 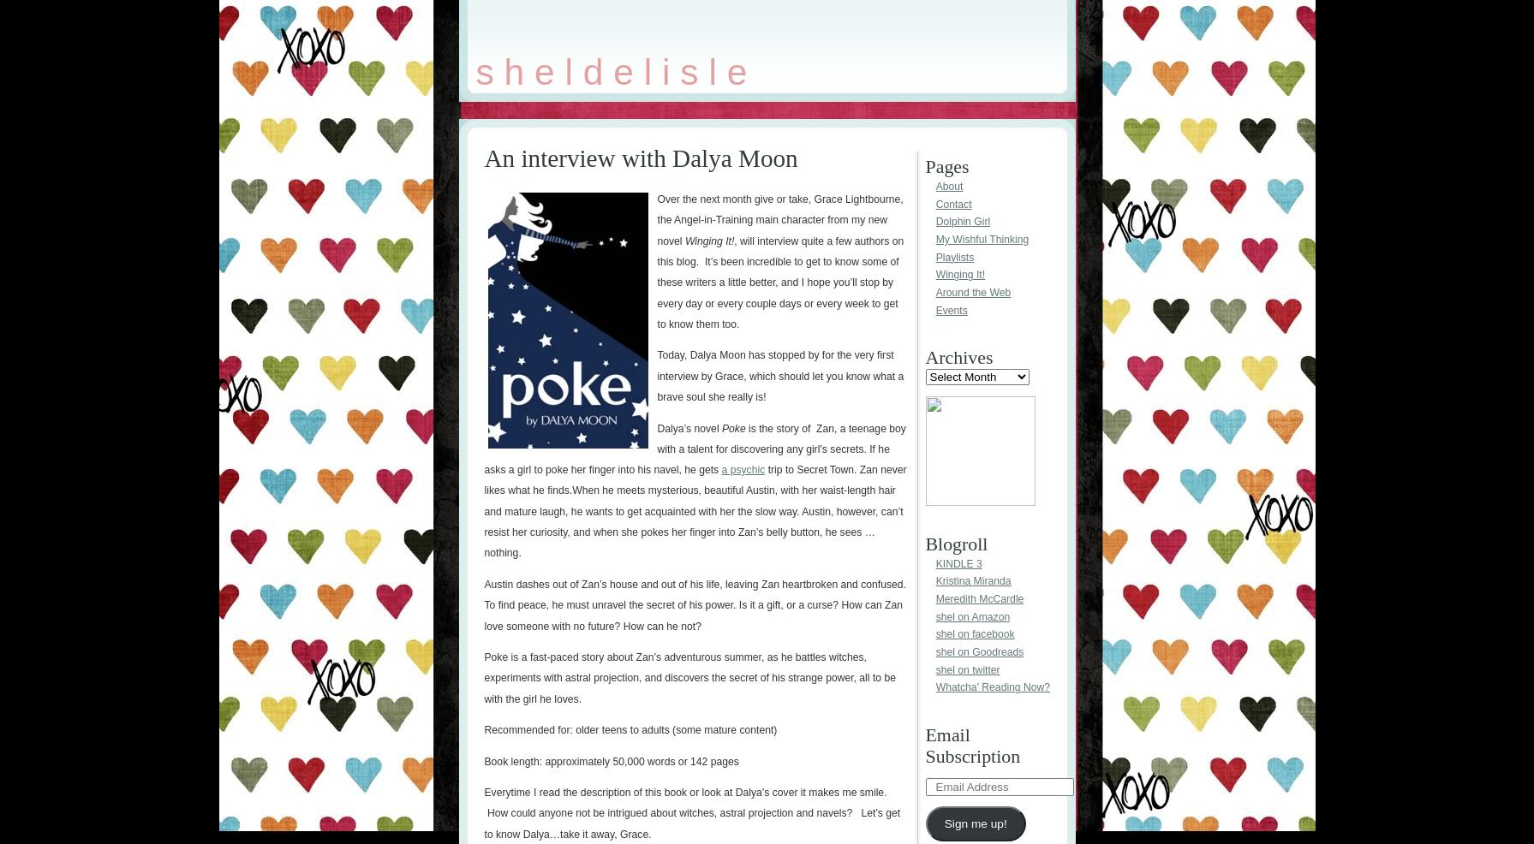 I want to click on 'Book length: approximately 50,000 words or 142 pages', so click(x=611, y=759).